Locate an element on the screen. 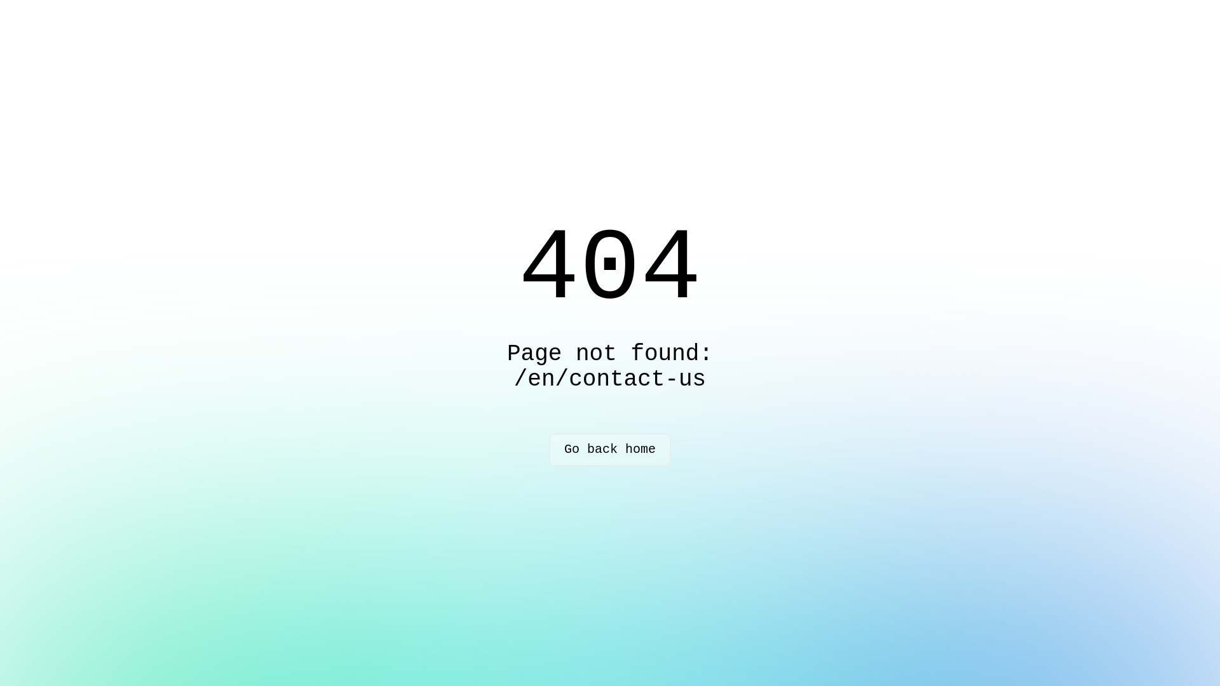 The height and width of the screenshot is (686, 1220). 'Go back home' is located at coordinates (610, 449).